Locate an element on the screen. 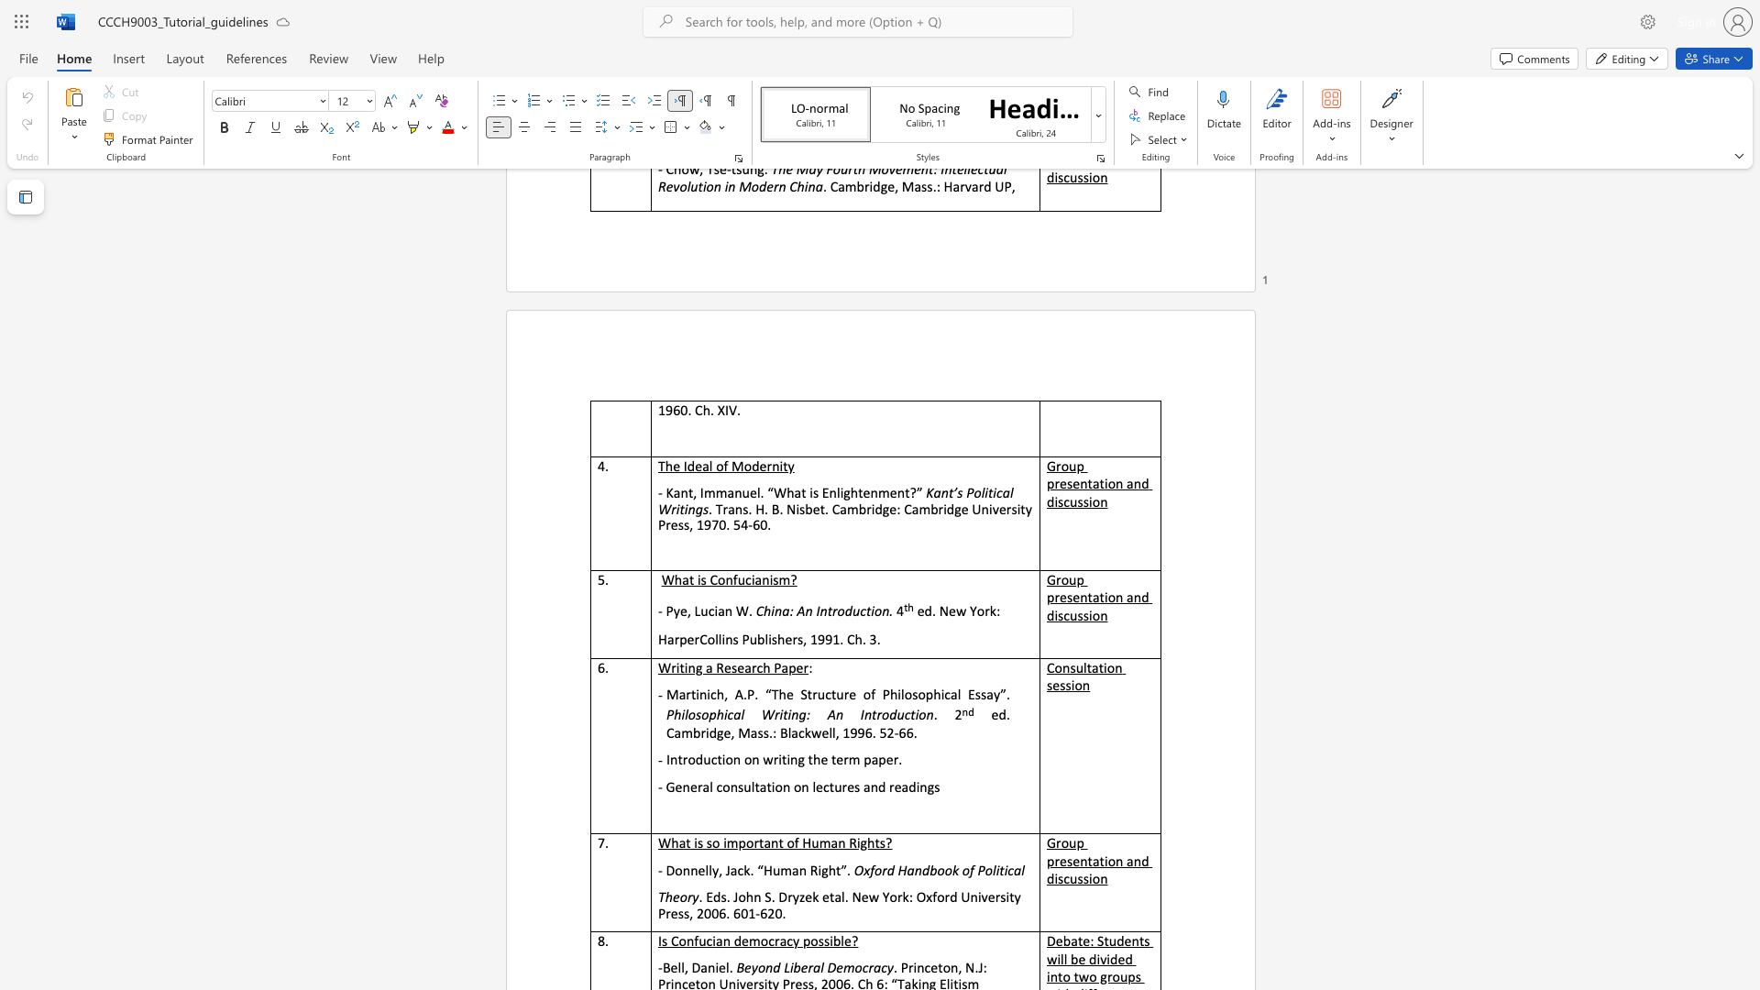 Image resolution: width=1760 pixels, height=990 pixels. the subset text "inich" within the text "Martinich, A.P. “The Structure of Philosophical Essay”." is located at coordinates (695, 694).